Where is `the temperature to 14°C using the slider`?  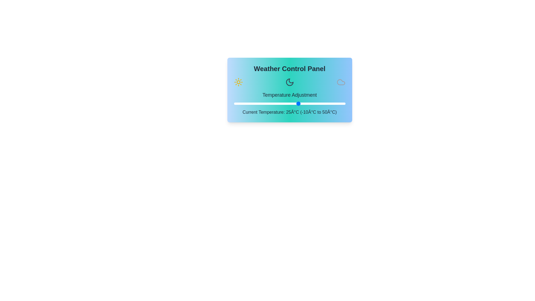 the temperature to 14°C using the slider is located at coordinates (278, 103).